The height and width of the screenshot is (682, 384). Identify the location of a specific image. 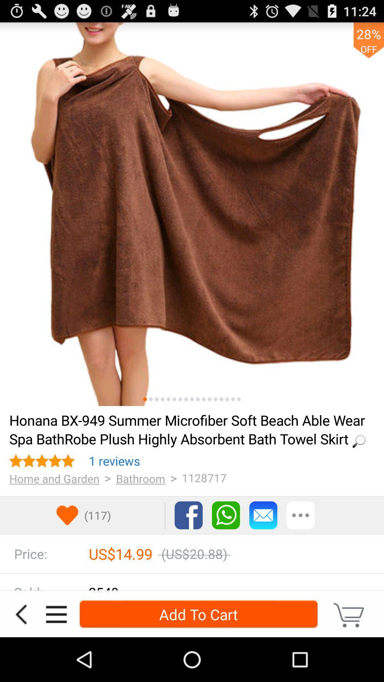
(209, 399).